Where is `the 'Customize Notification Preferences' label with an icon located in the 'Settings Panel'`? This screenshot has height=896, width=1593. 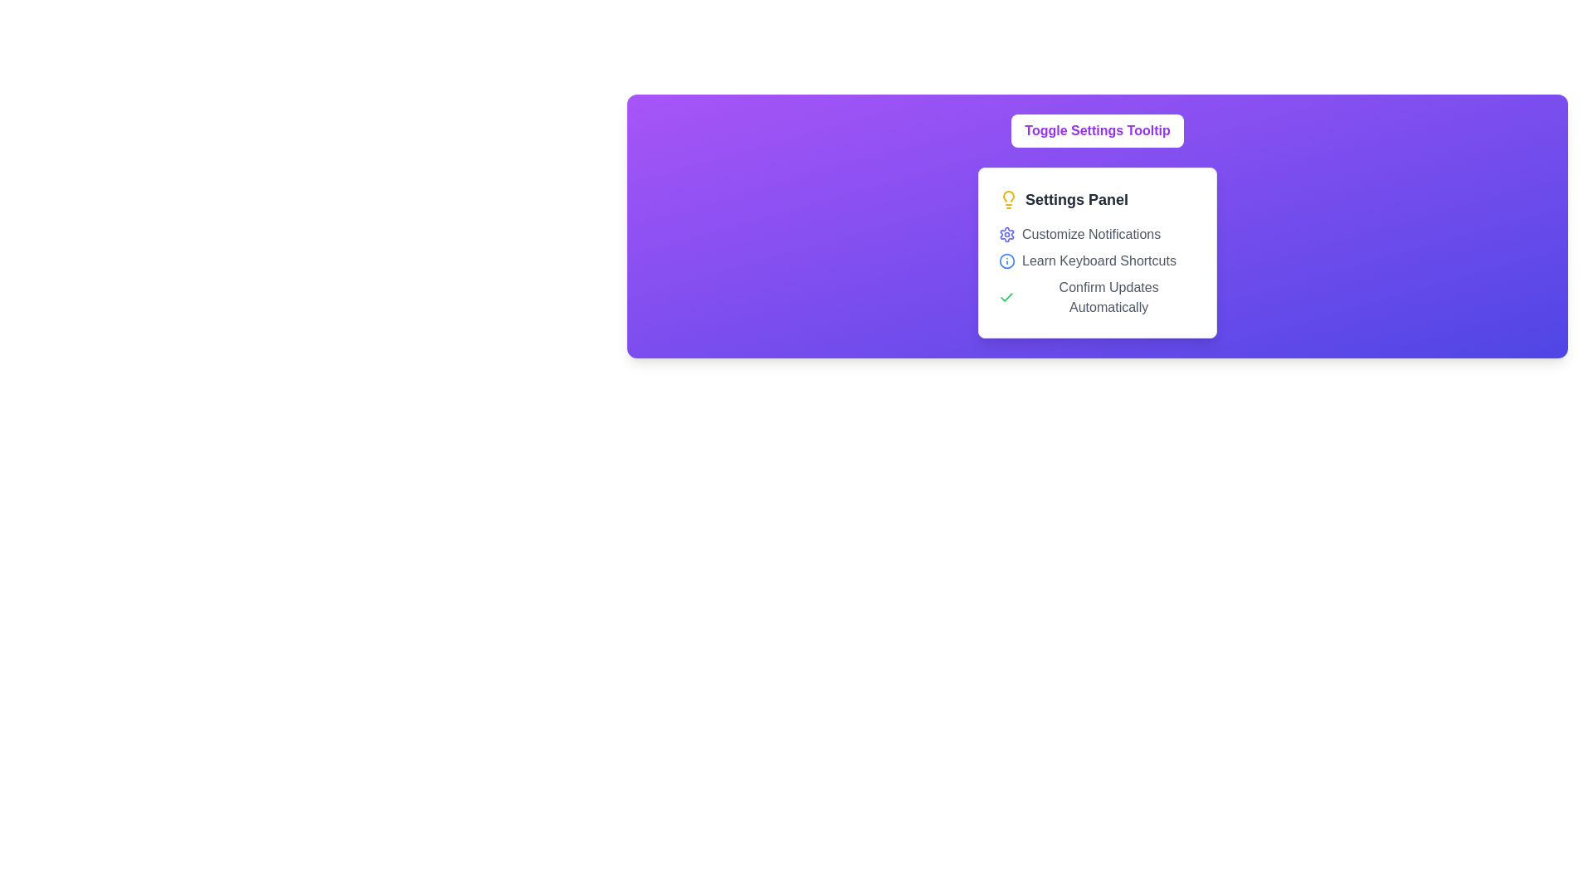 the 'Customize Notification Preferences' label with an icon located in the 'Settings Panel' is located at coordinates (1098, 234).